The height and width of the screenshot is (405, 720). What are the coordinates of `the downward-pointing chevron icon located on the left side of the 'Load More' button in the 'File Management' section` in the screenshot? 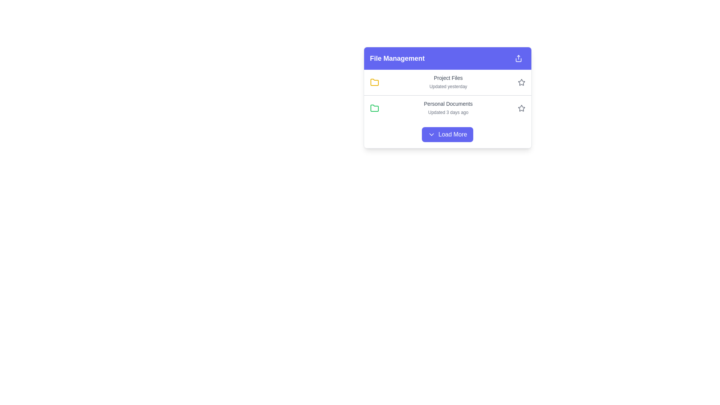 It's located at (432, 134).